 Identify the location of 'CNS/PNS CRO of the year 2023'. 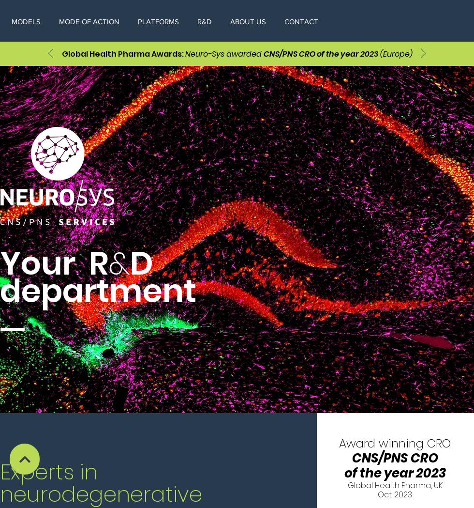
(320, 53).